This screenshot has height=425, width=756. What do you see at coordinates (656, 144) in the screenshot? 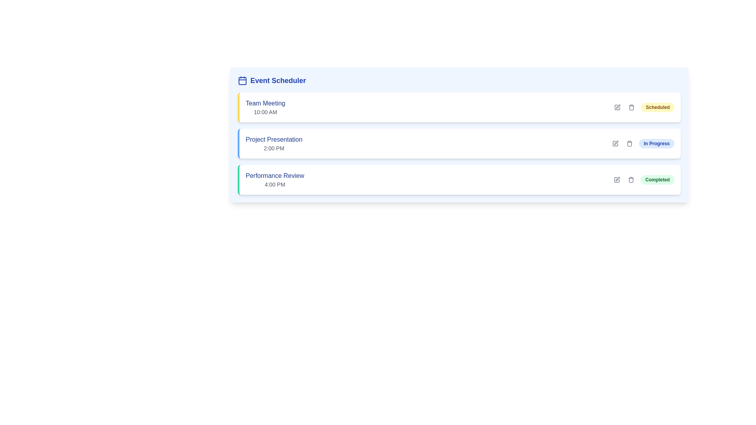
I see `label indicating the status of the 'Project Presentation' event, which shows 'In Progress' in the scheduler interface` at bounding box center [656, 144].